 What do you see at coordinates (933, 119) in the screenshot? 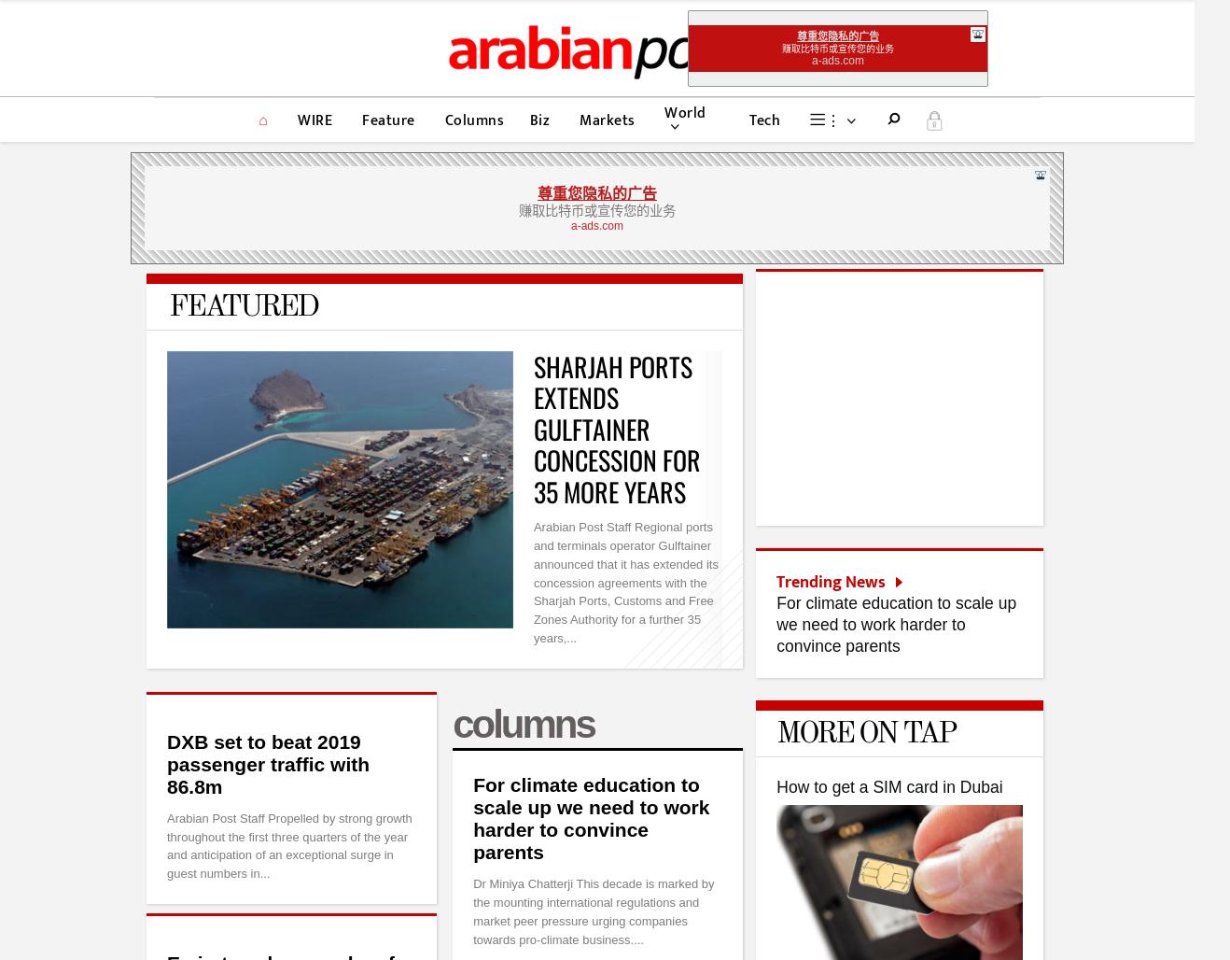
I see `'.'` at bounding box center [933, 119].